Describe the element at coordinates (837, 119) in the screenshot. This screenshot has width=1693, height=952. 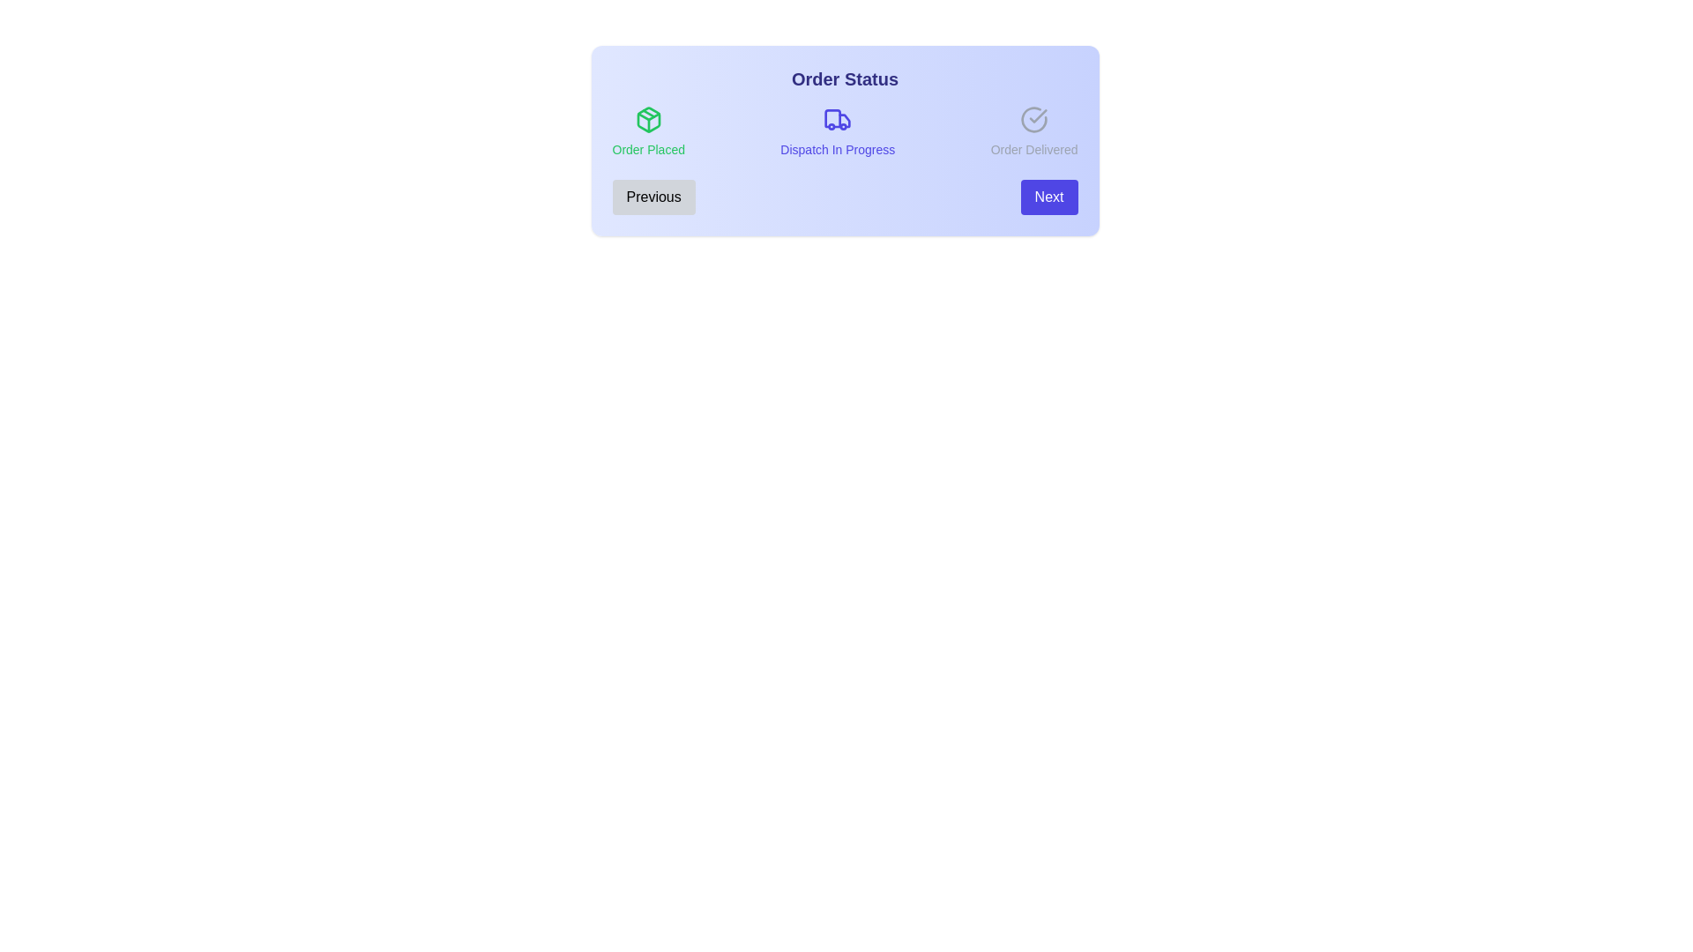
I see `the blue truck icon representing 'Dispatch In Progress' in the 'Order Status' section` at that location.